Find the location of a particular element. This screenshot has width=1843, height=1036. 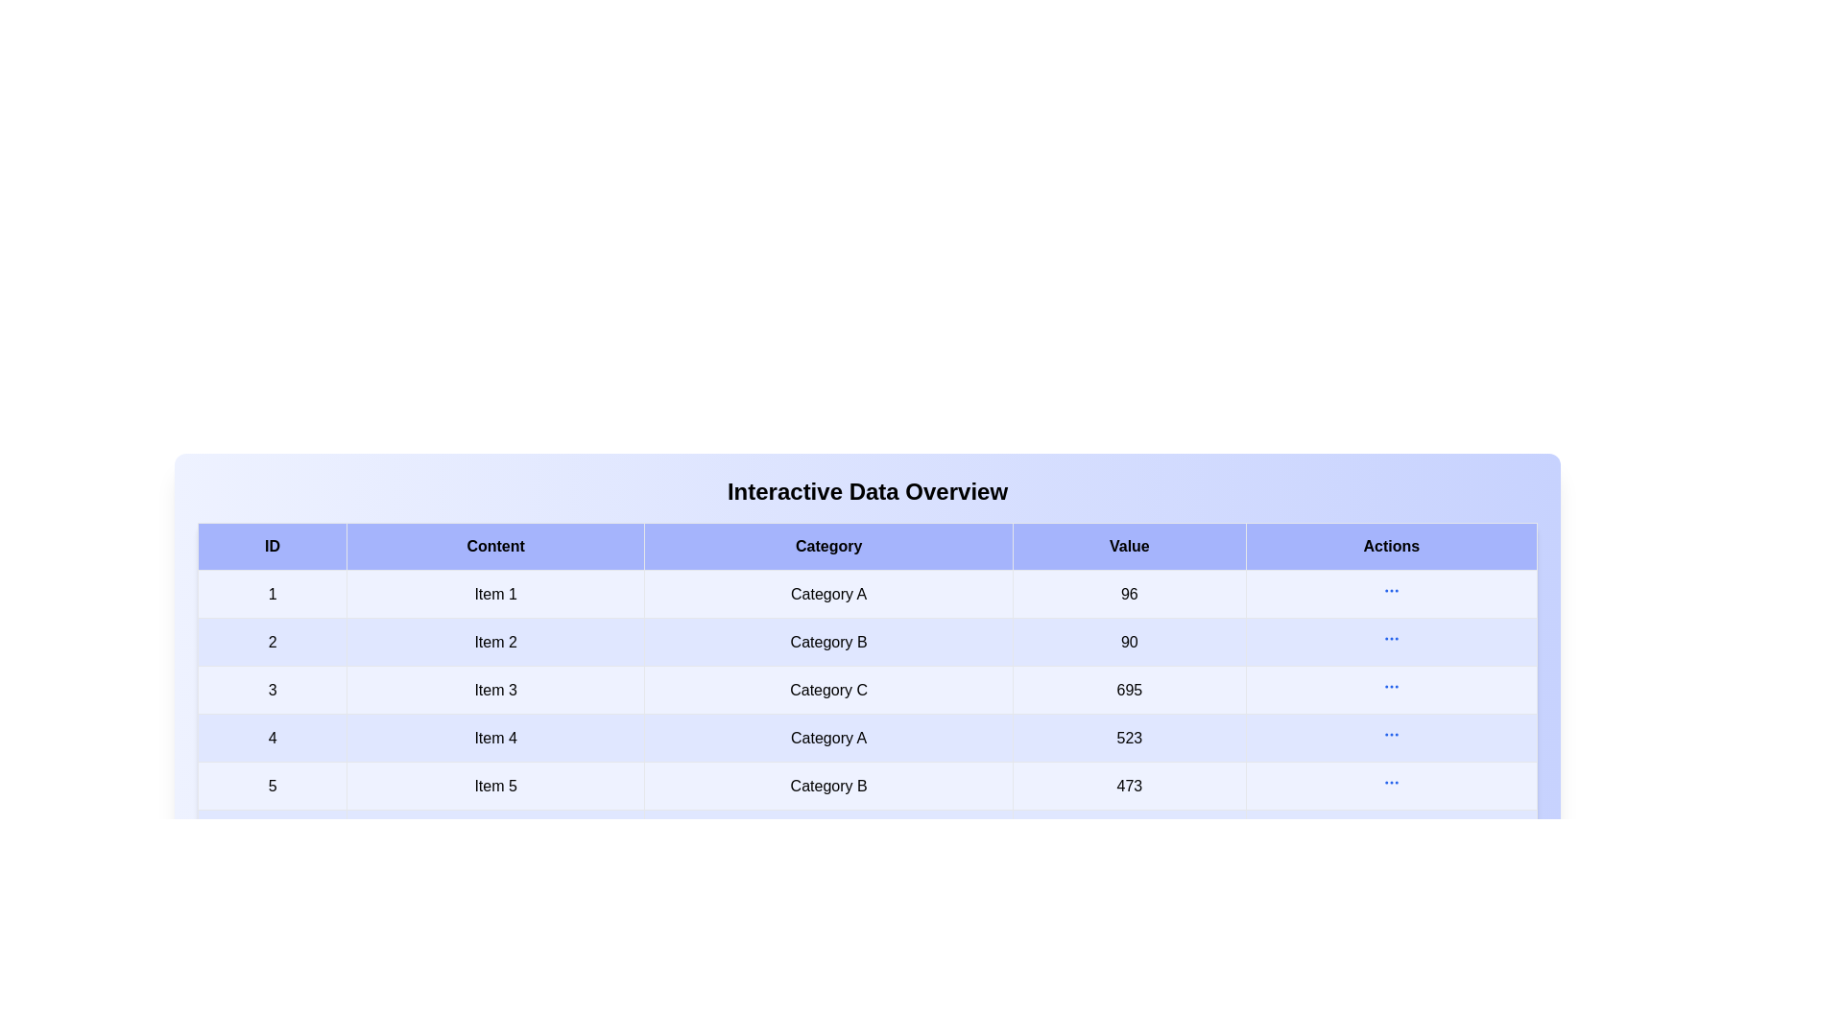

action button in row 4 to view additional details is located at coordinates (1391, 734).